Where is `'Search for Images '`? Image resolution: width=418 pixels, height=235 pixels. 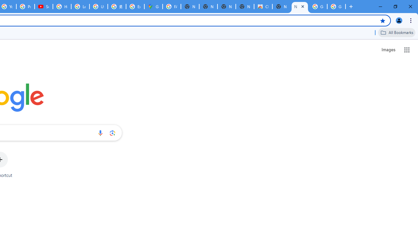 'Search for Images ' is located at coordinates (388, 50).